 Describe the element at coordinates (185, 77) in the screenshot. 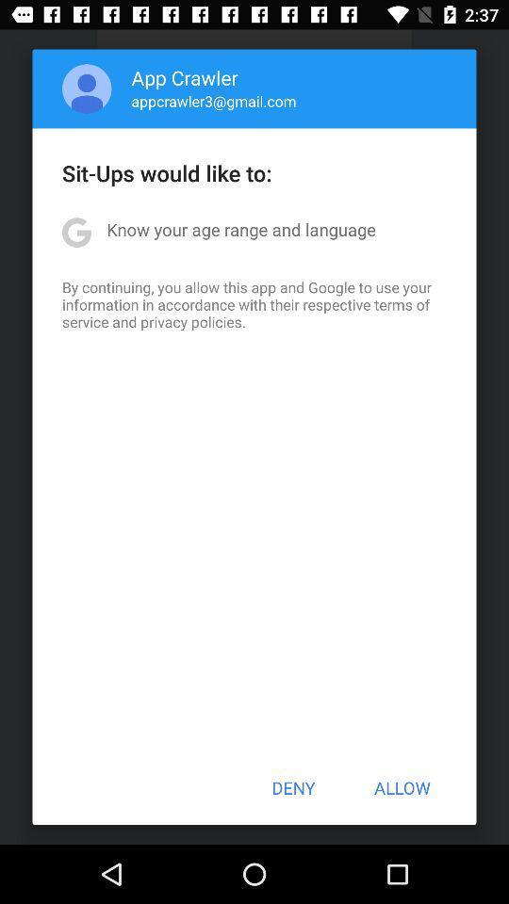

I see `app crawler item` at that location.